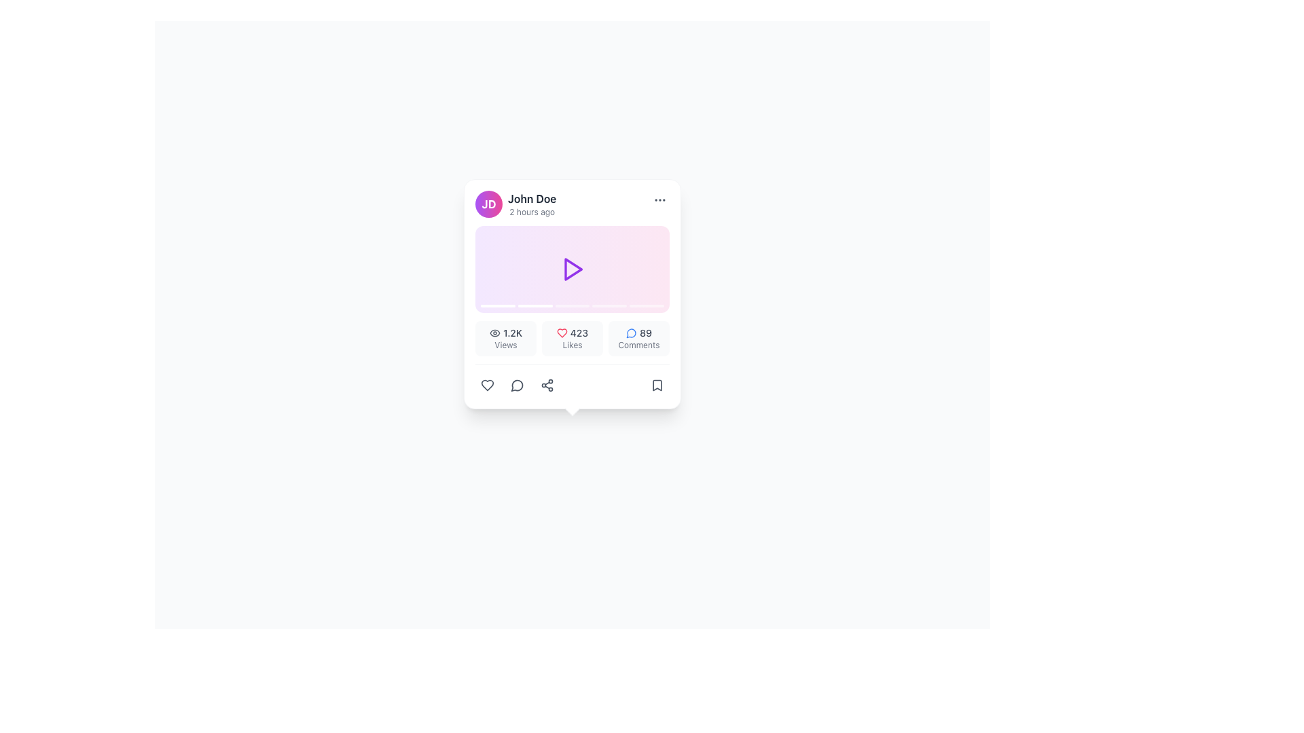 This screenshot has height=733, width=1304. Describe the element at coordinates (573, 337) in the screenshot. I see `the middle section of the Statistical display unit` at that location.